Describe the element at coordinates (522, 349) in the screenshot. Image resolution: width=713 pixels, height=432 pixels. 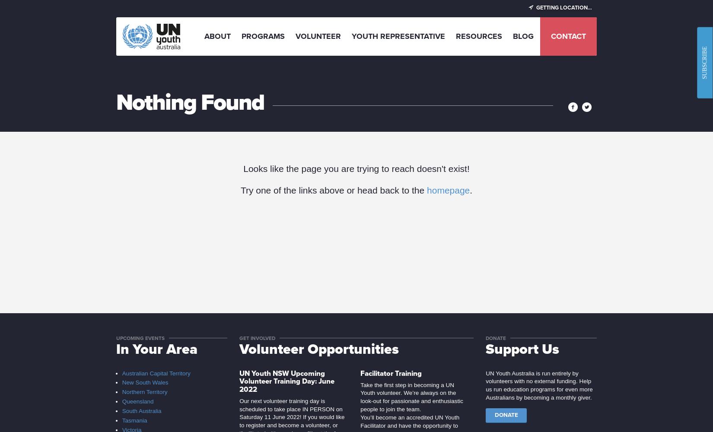
I see `'Support Us'` at that location.